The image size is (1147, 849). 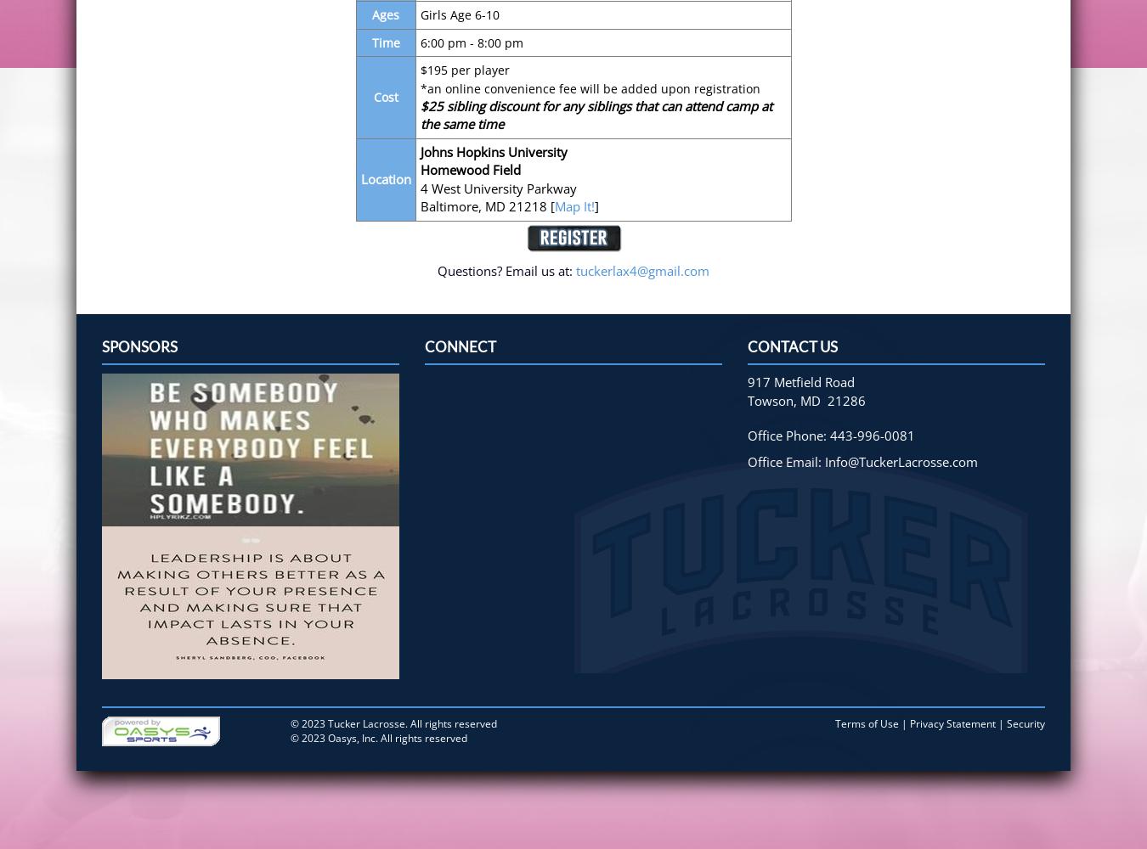 What do you see at coordinates (872, 435) in the screenshot?
I see `'443-996-0081'` at bounding box center [872, 435].